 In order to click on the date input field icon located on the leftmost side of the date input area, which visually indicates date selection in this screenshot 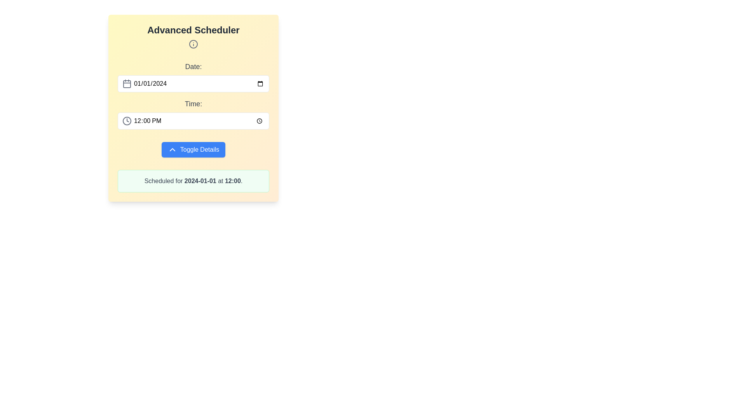, I will do `click(127, 84)`.